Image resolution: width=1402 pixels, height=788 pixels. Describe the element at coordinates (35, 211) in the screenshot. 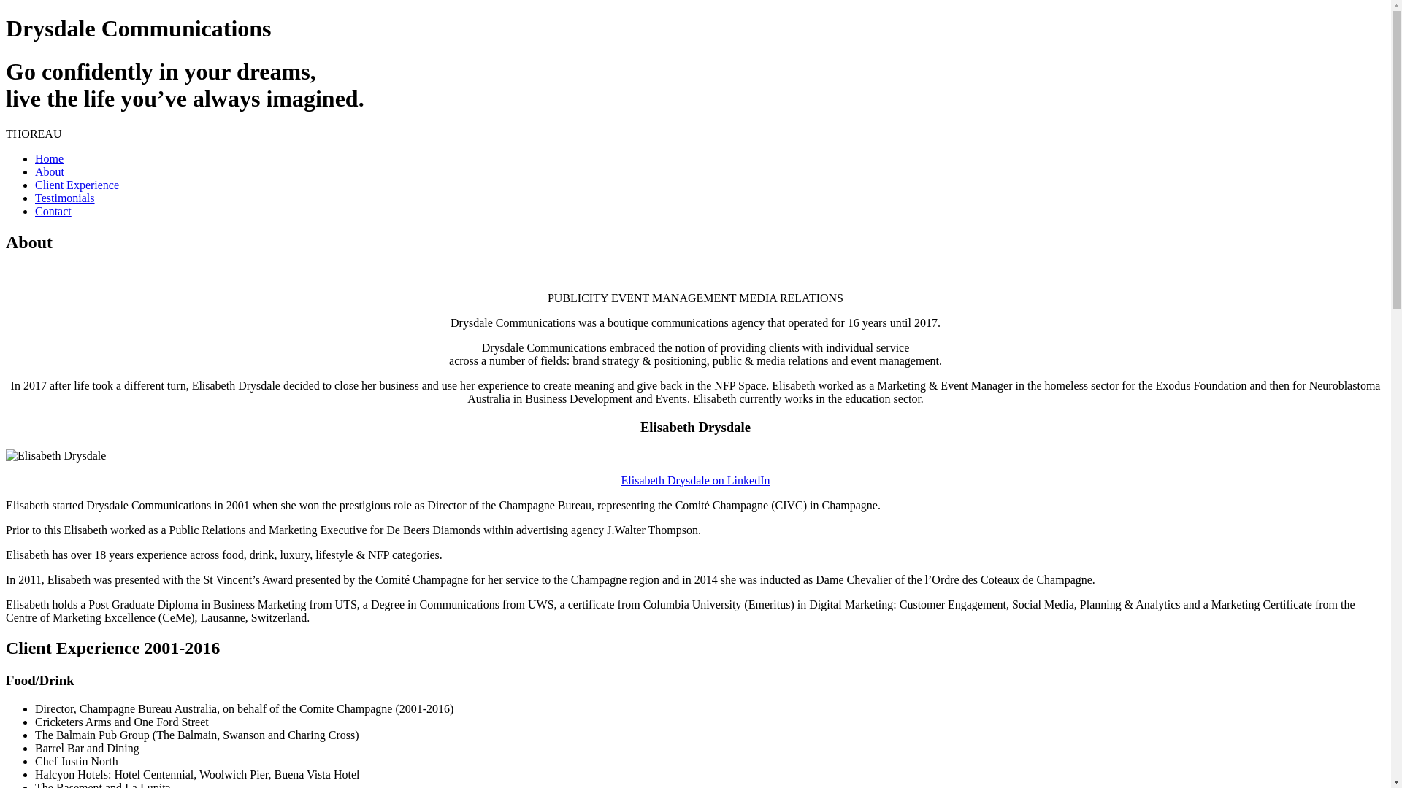

I see `'Contact'` at that location.